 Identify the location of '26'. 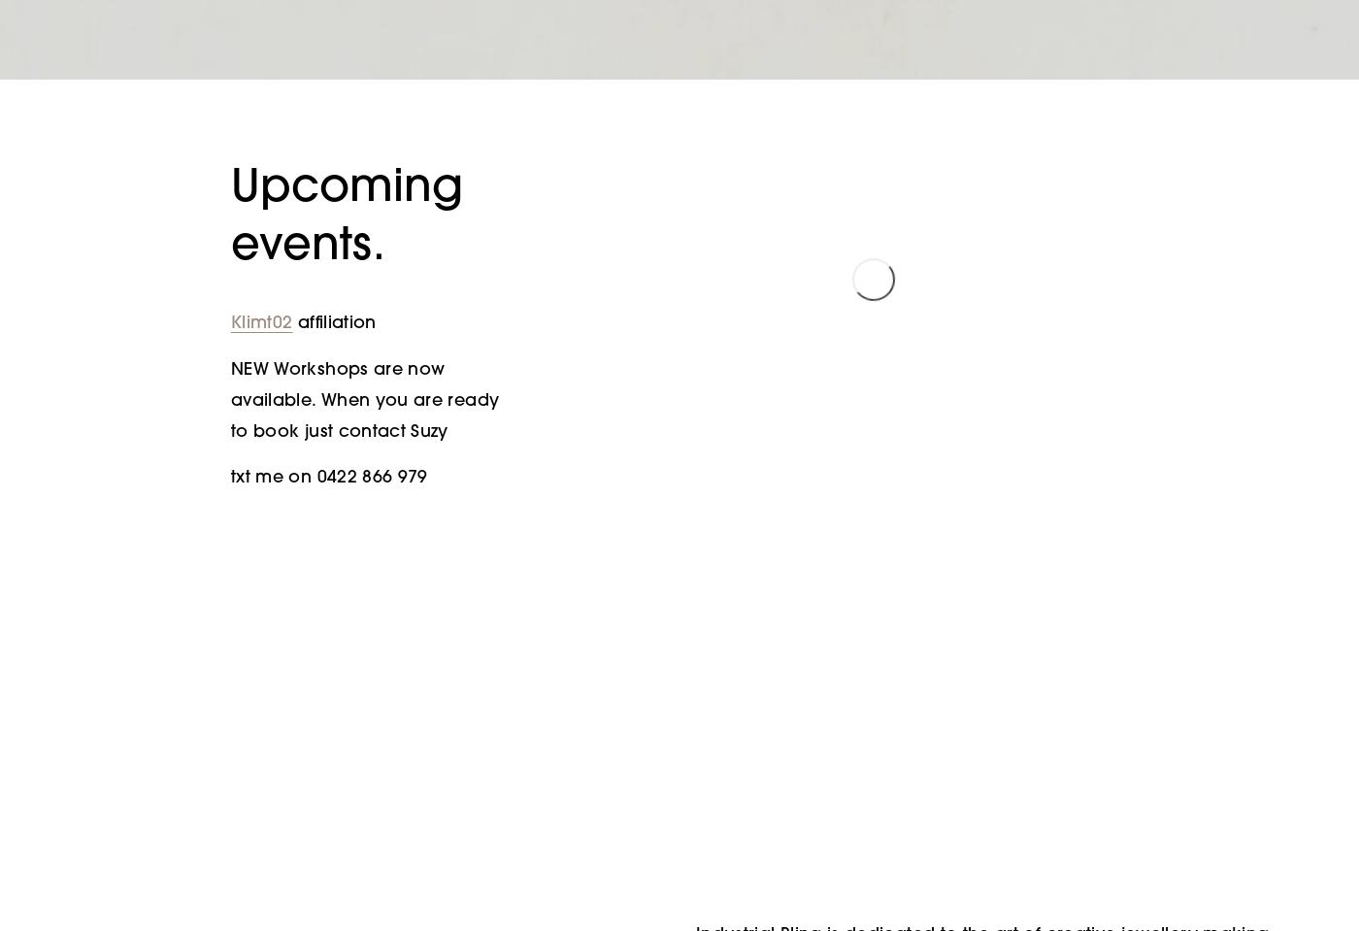
(659, 580).